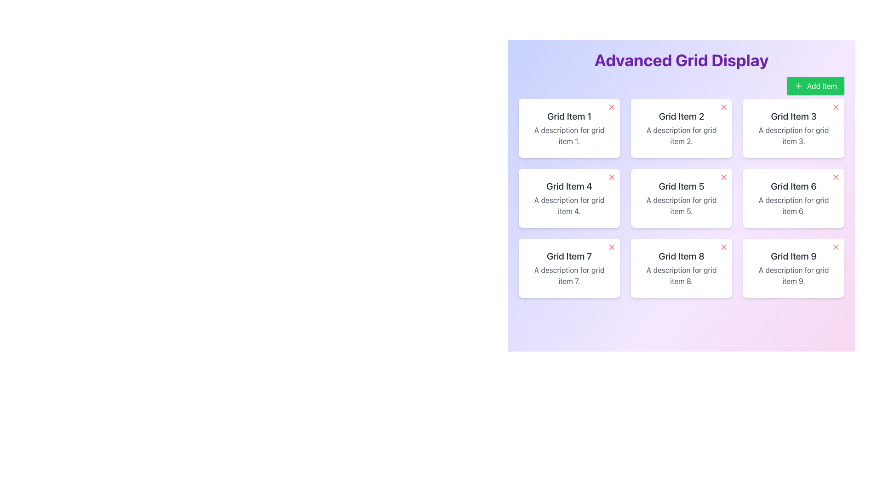  I want to click on the static text element that serves as a description for 'Grid Item 7', located in the middle position of the grid's bottom row, so click(569, 275).